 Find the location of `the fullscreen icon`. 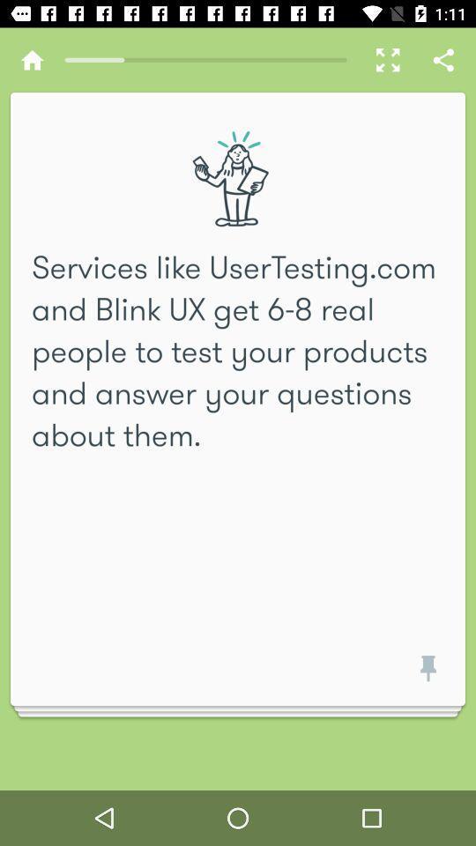

the fullscreen icon is located at coordinates (383, 60).